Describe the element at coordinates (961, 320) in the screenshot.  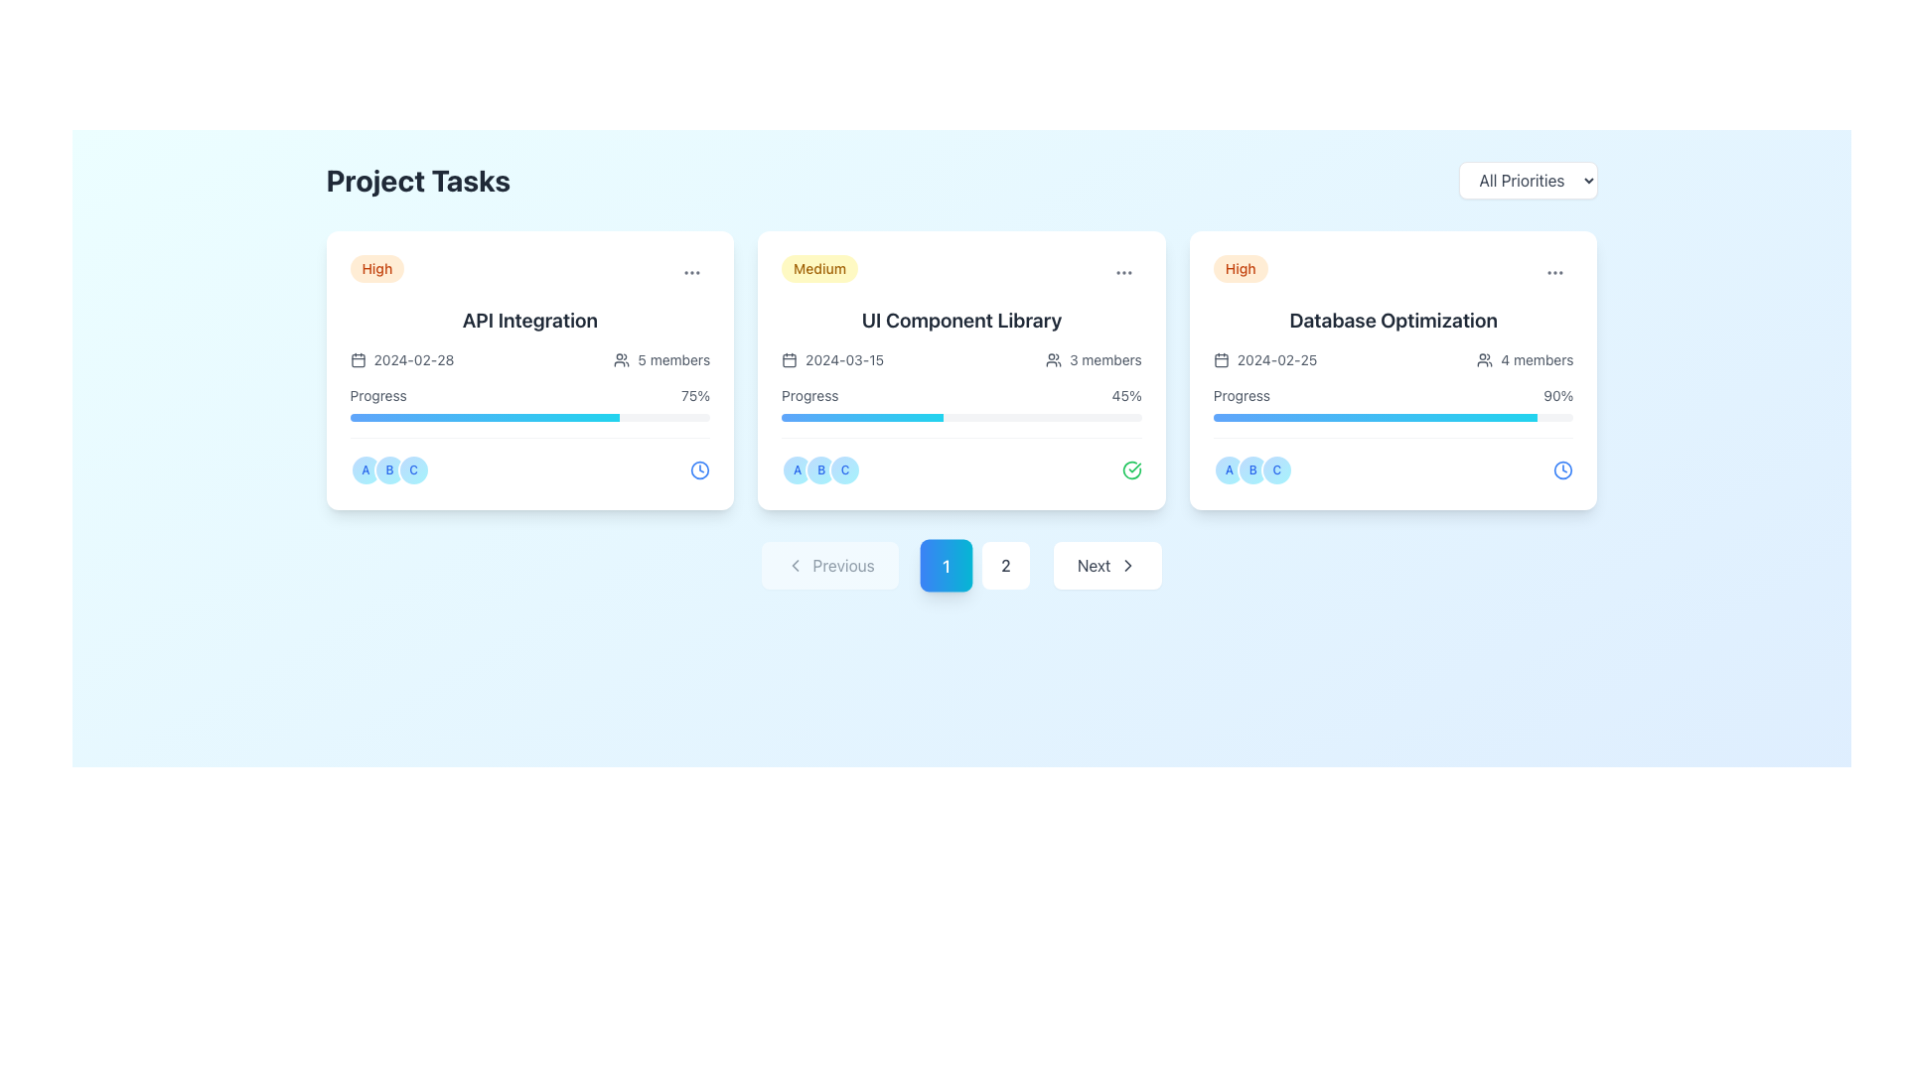
I see `the textual heading 'UI Component Library' which is styled in a larger bold font and appears within a card structure, centrally located in the second card from the left` at that location.